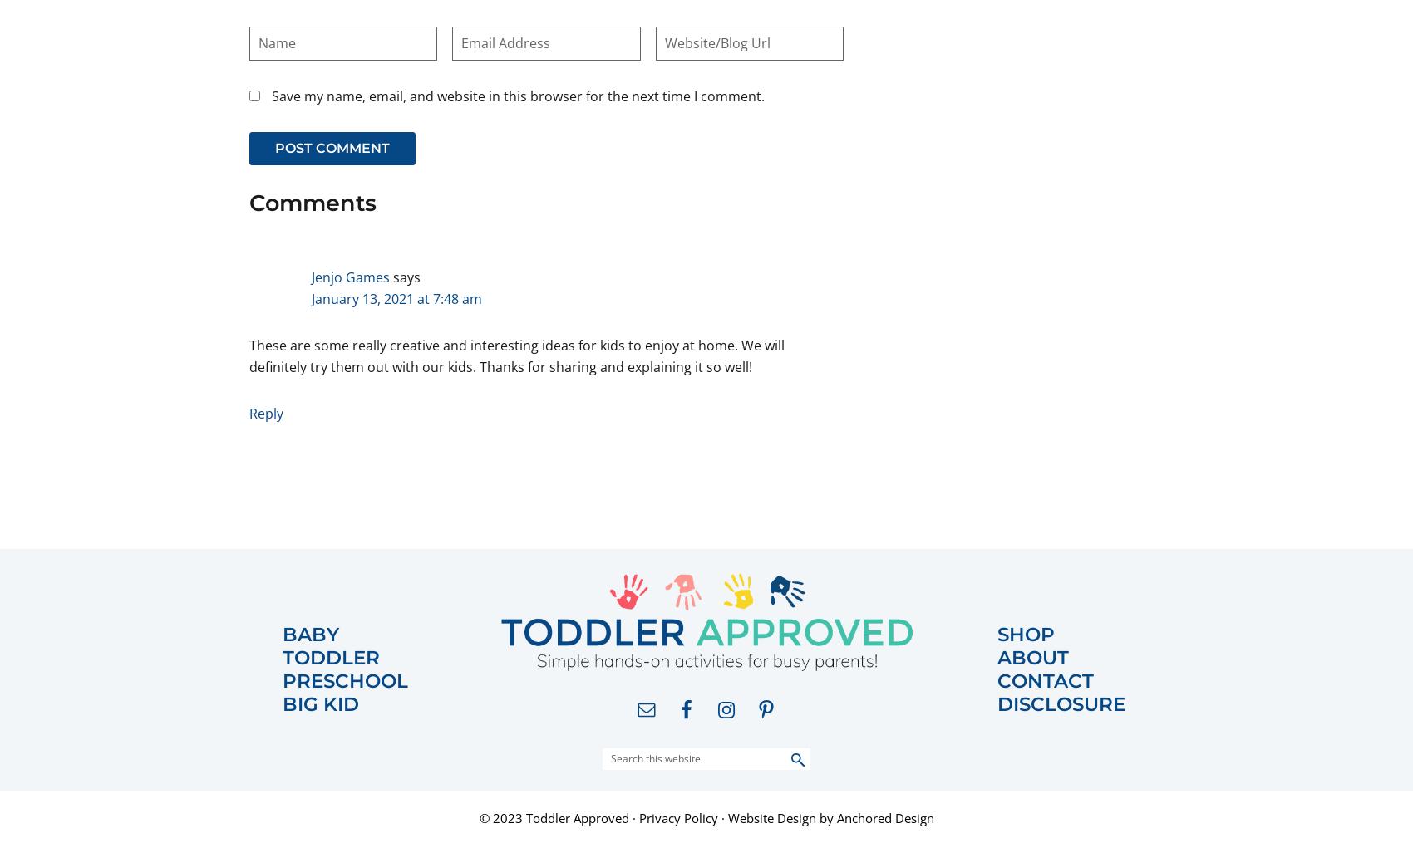  What do you see at coordinates (726, 817) in the screenshot?
I see `'Website Design by Anchored Design'` at bounding box center [726, 817].